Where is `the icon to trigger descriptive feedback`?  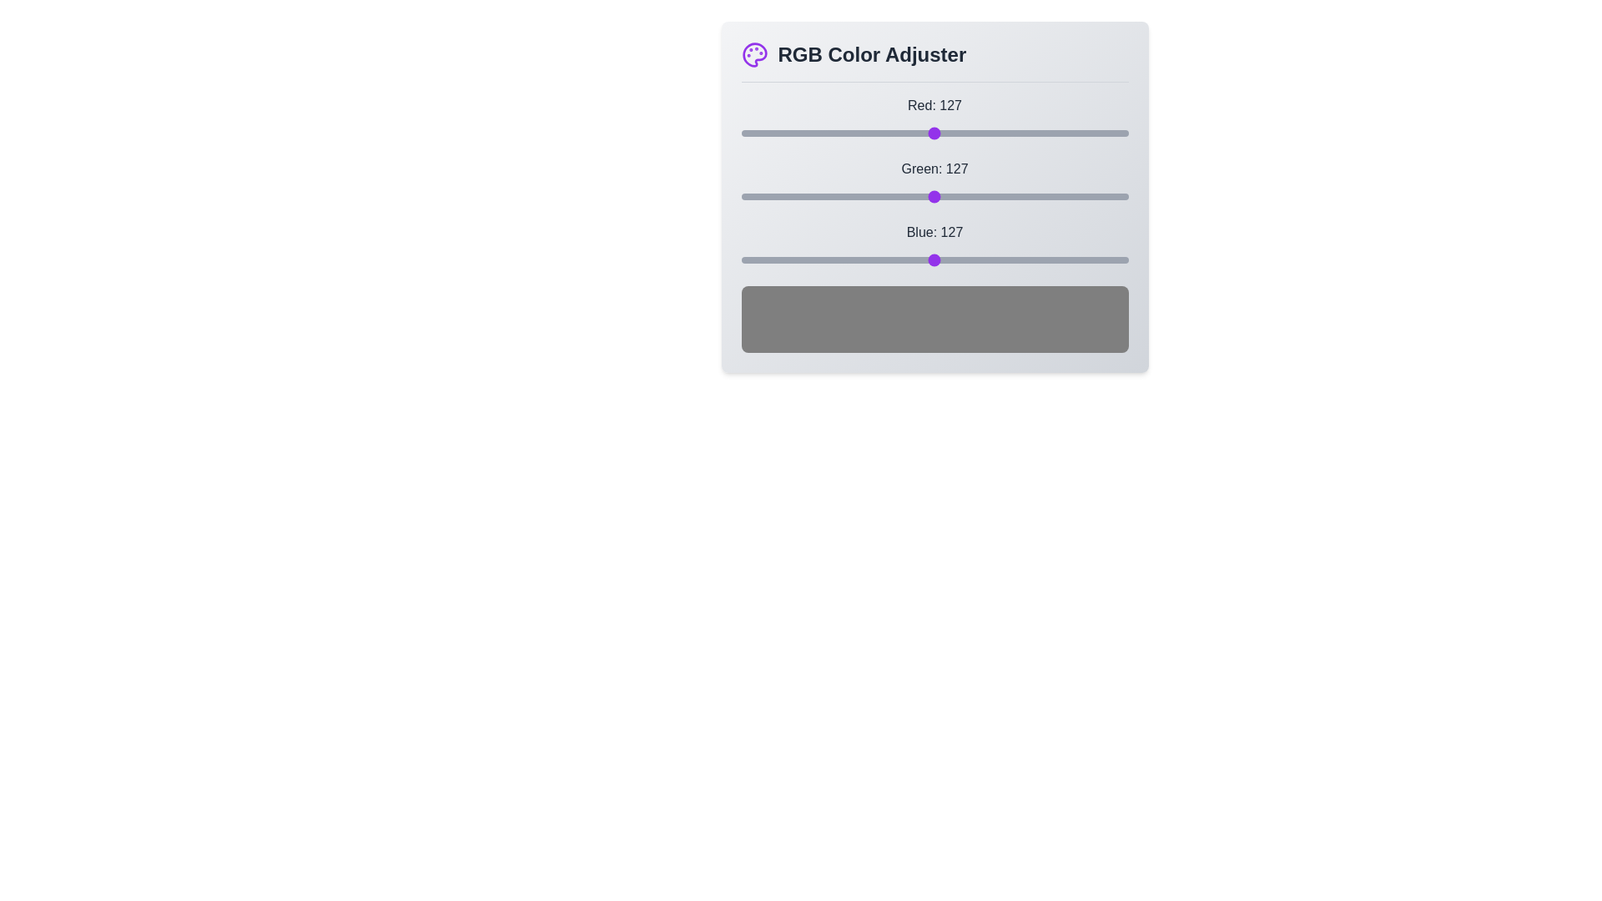
the icon to trigger descriptive feedback is located at coordinates (753, 53).